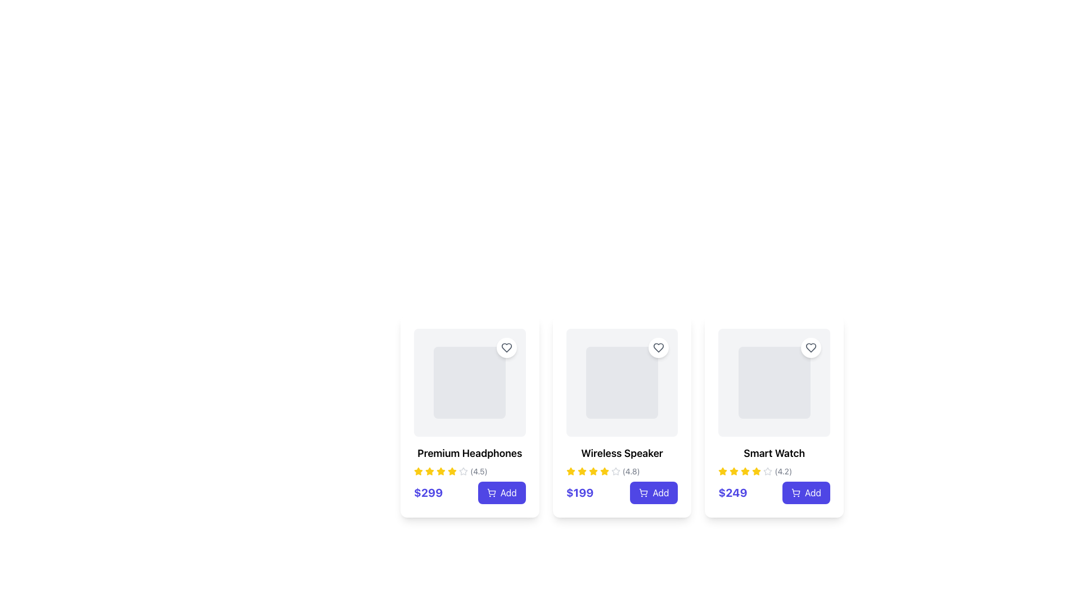 The width and height of the screenshot is (1080, 607). I want to click on the fifth star-shaped icon with a yellow fill in the rating section of the 'Wireless Speaker' product card to interact with the rating system, so click(604, 472).